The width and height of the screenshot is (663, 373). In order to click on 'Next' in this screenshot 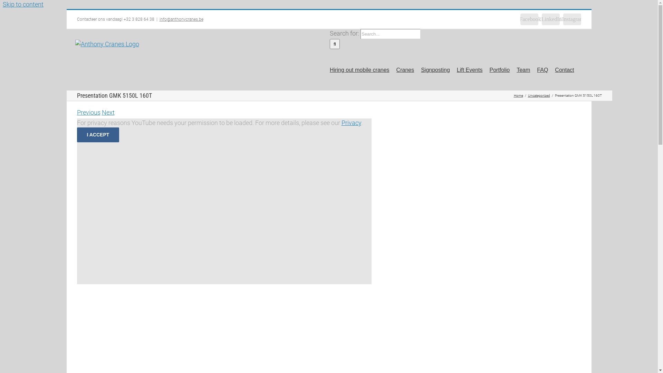, I will do `click(107, 112)`.